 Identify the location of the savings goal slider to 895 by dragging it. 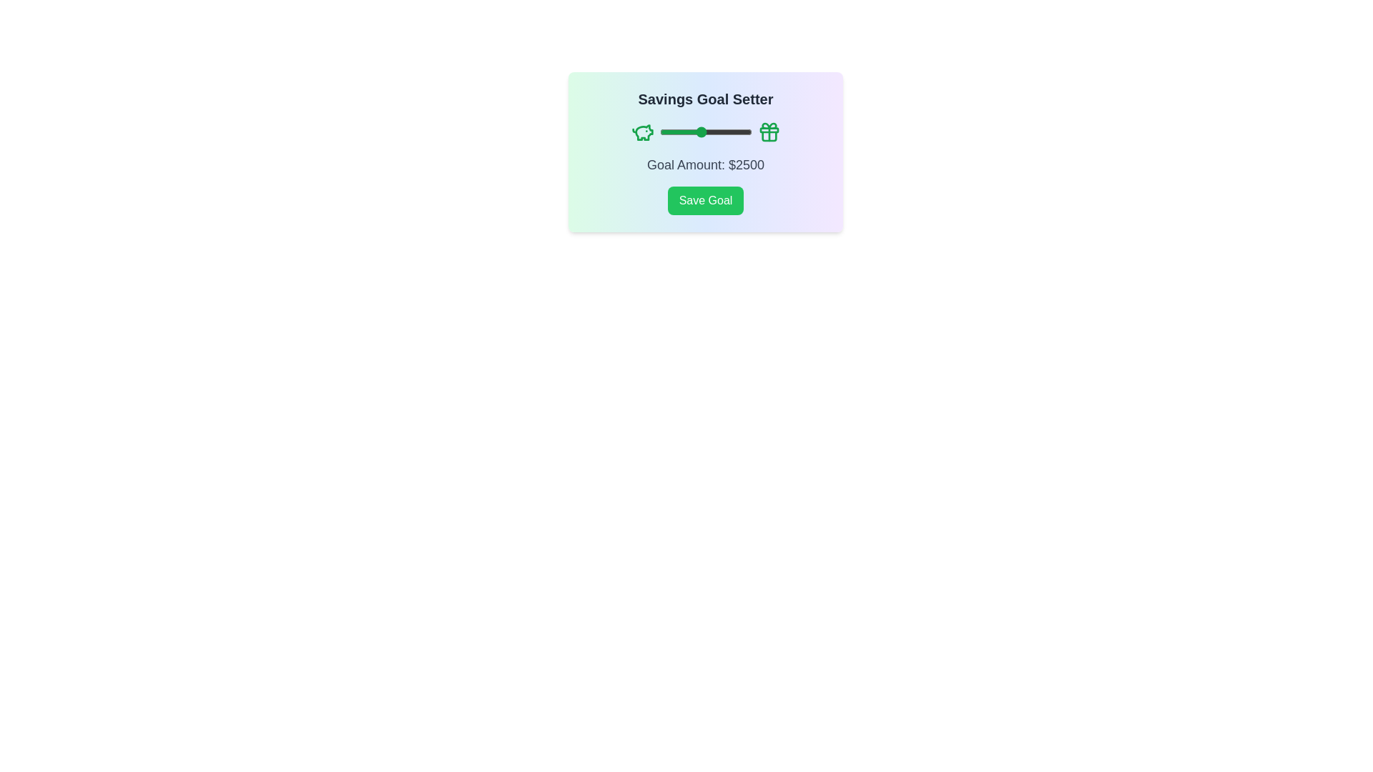
(666, 132).